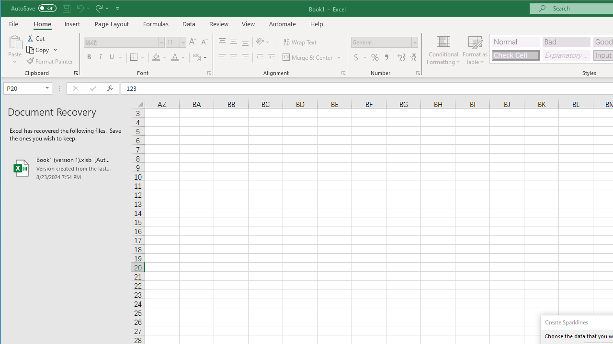  Describe the element at coordinates (413, 57) in the screenshot. I see `'Decrease Decimal'` at that location.